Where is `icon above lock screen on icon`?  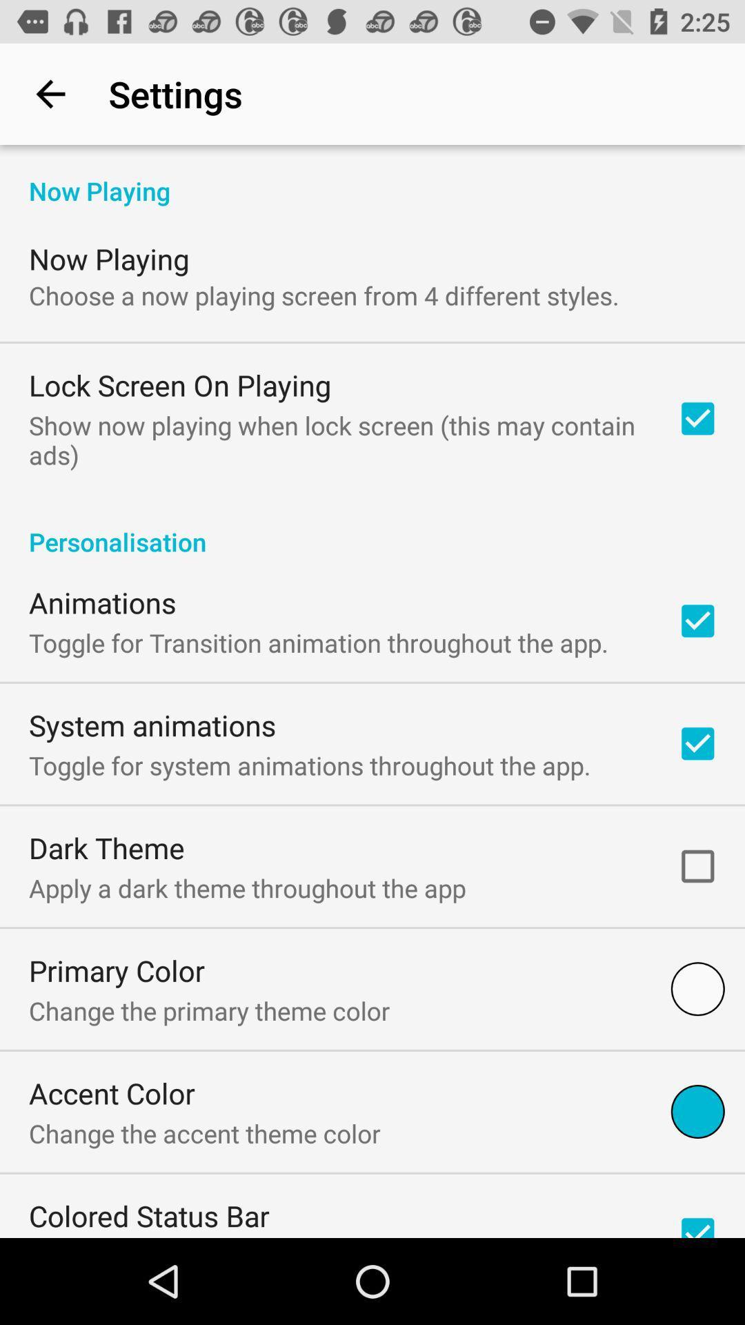
icon above lock screen on icon is located at coordinates (324, 295).